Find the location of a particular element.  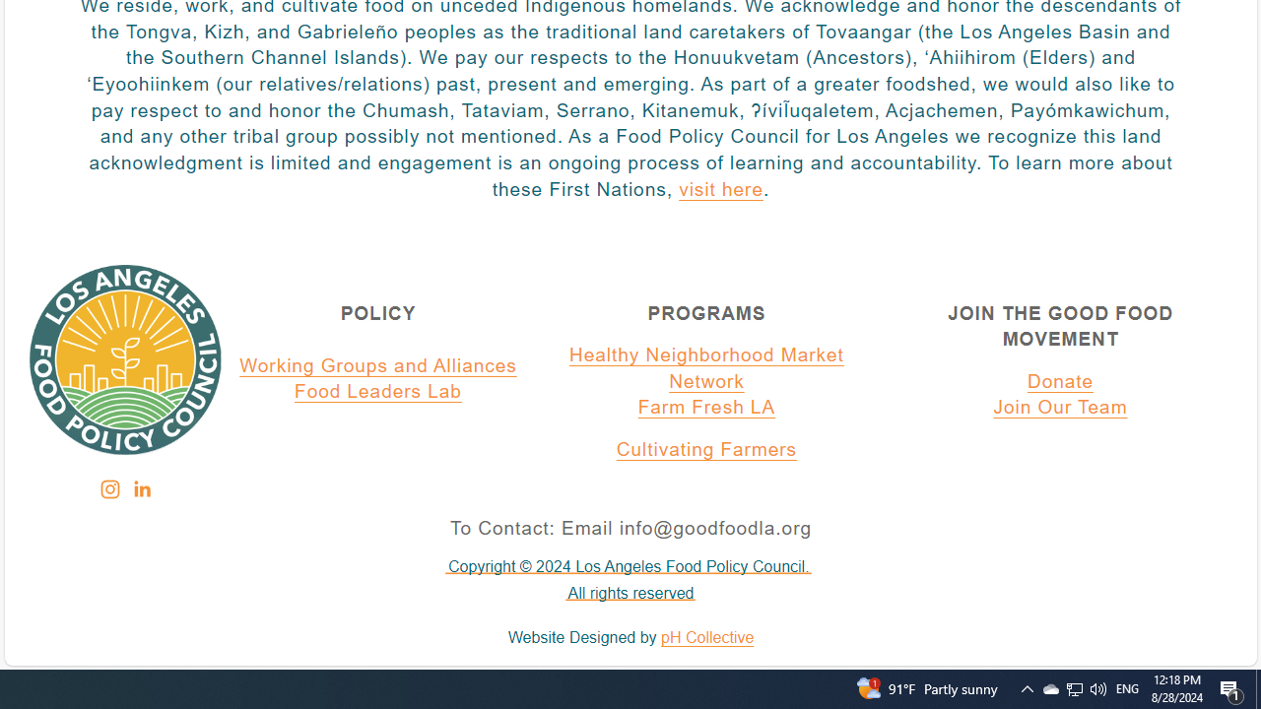

'visit here' is located at coordinates (719, 190).